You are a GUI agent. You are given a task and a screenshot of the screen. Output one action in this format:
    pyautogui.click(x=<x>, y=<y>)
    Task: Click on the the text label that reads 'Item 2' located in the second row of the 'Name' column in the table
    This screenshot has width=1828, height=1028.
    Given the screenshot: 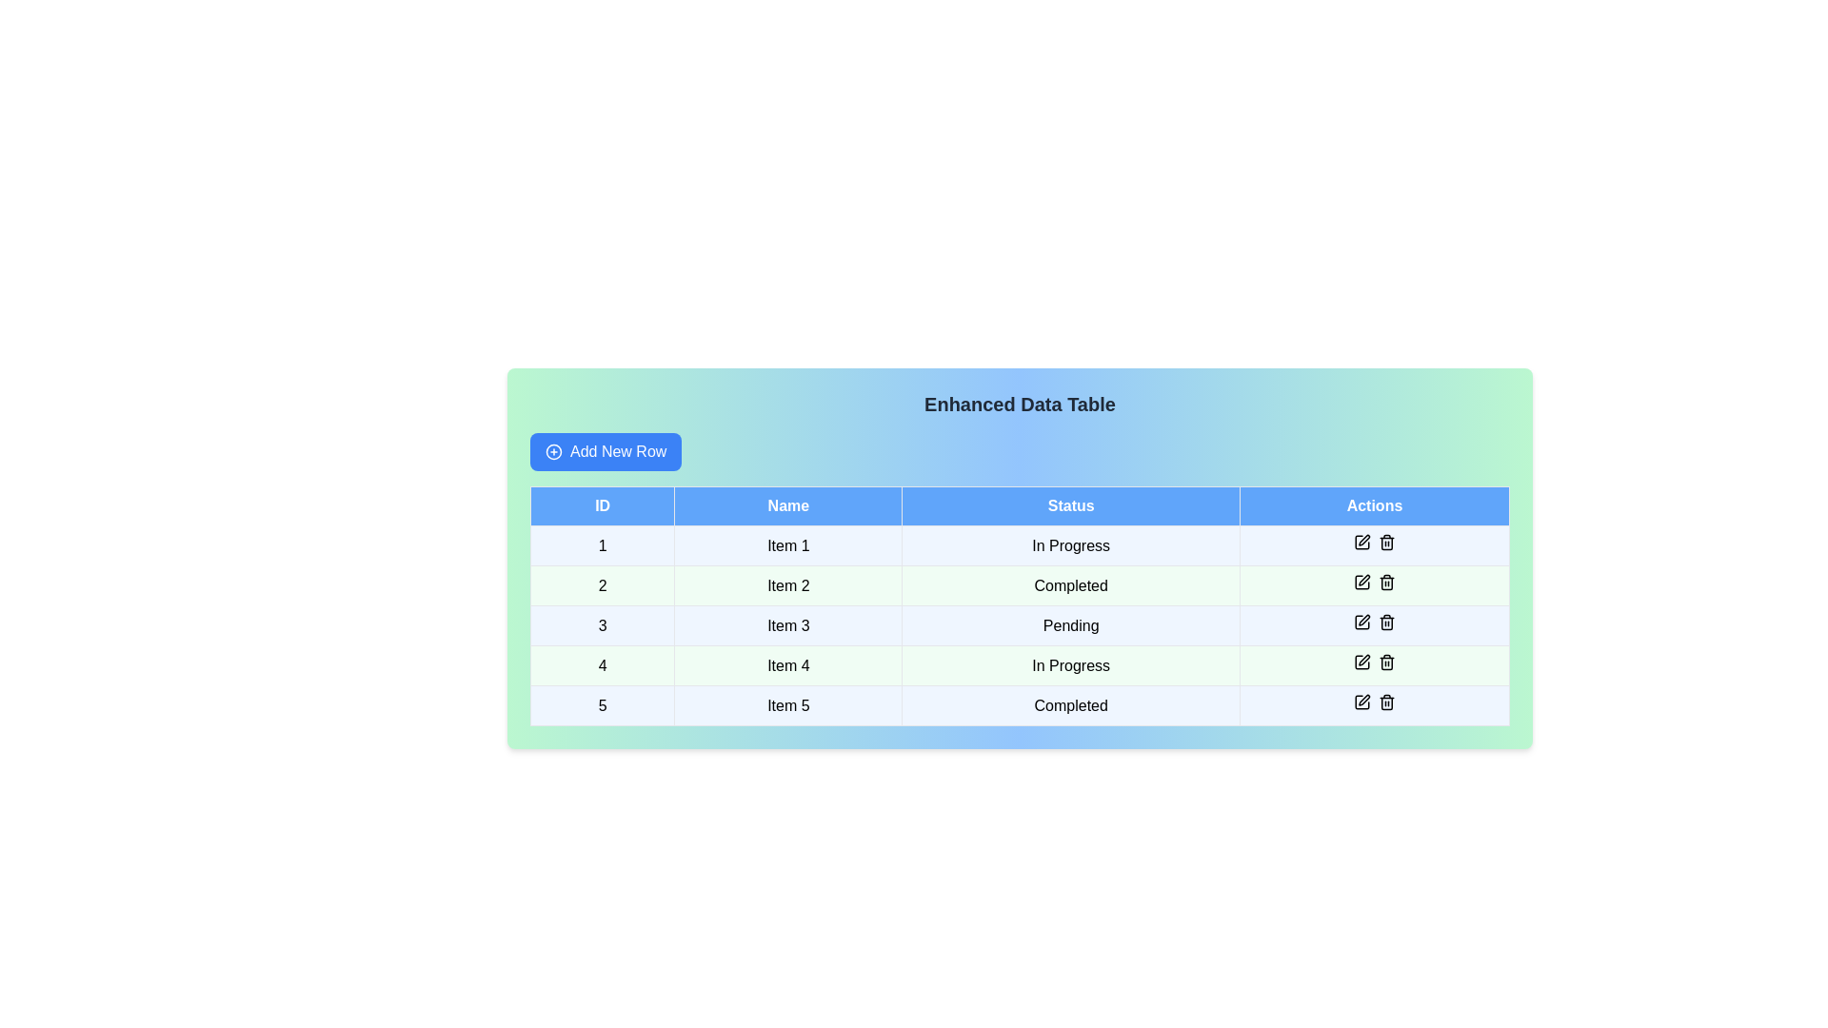 What is the action you would take?
    pyautogui.click(x=788, y=584)
    